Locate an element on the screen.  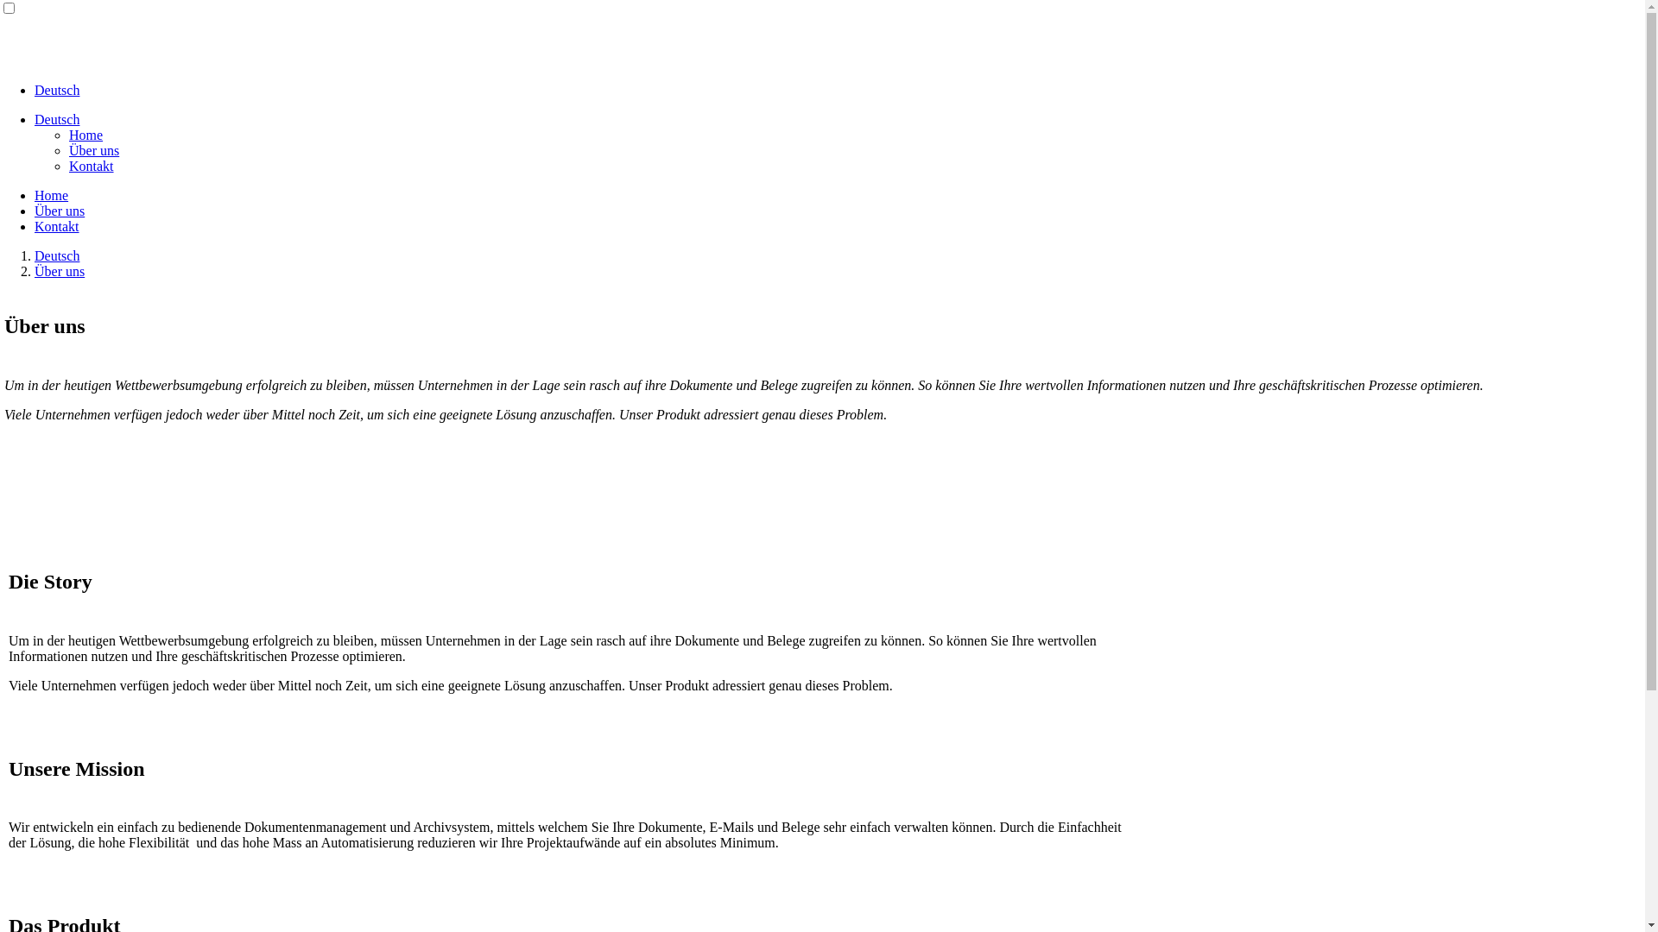
'Home' is located at coordinates (51, 194).